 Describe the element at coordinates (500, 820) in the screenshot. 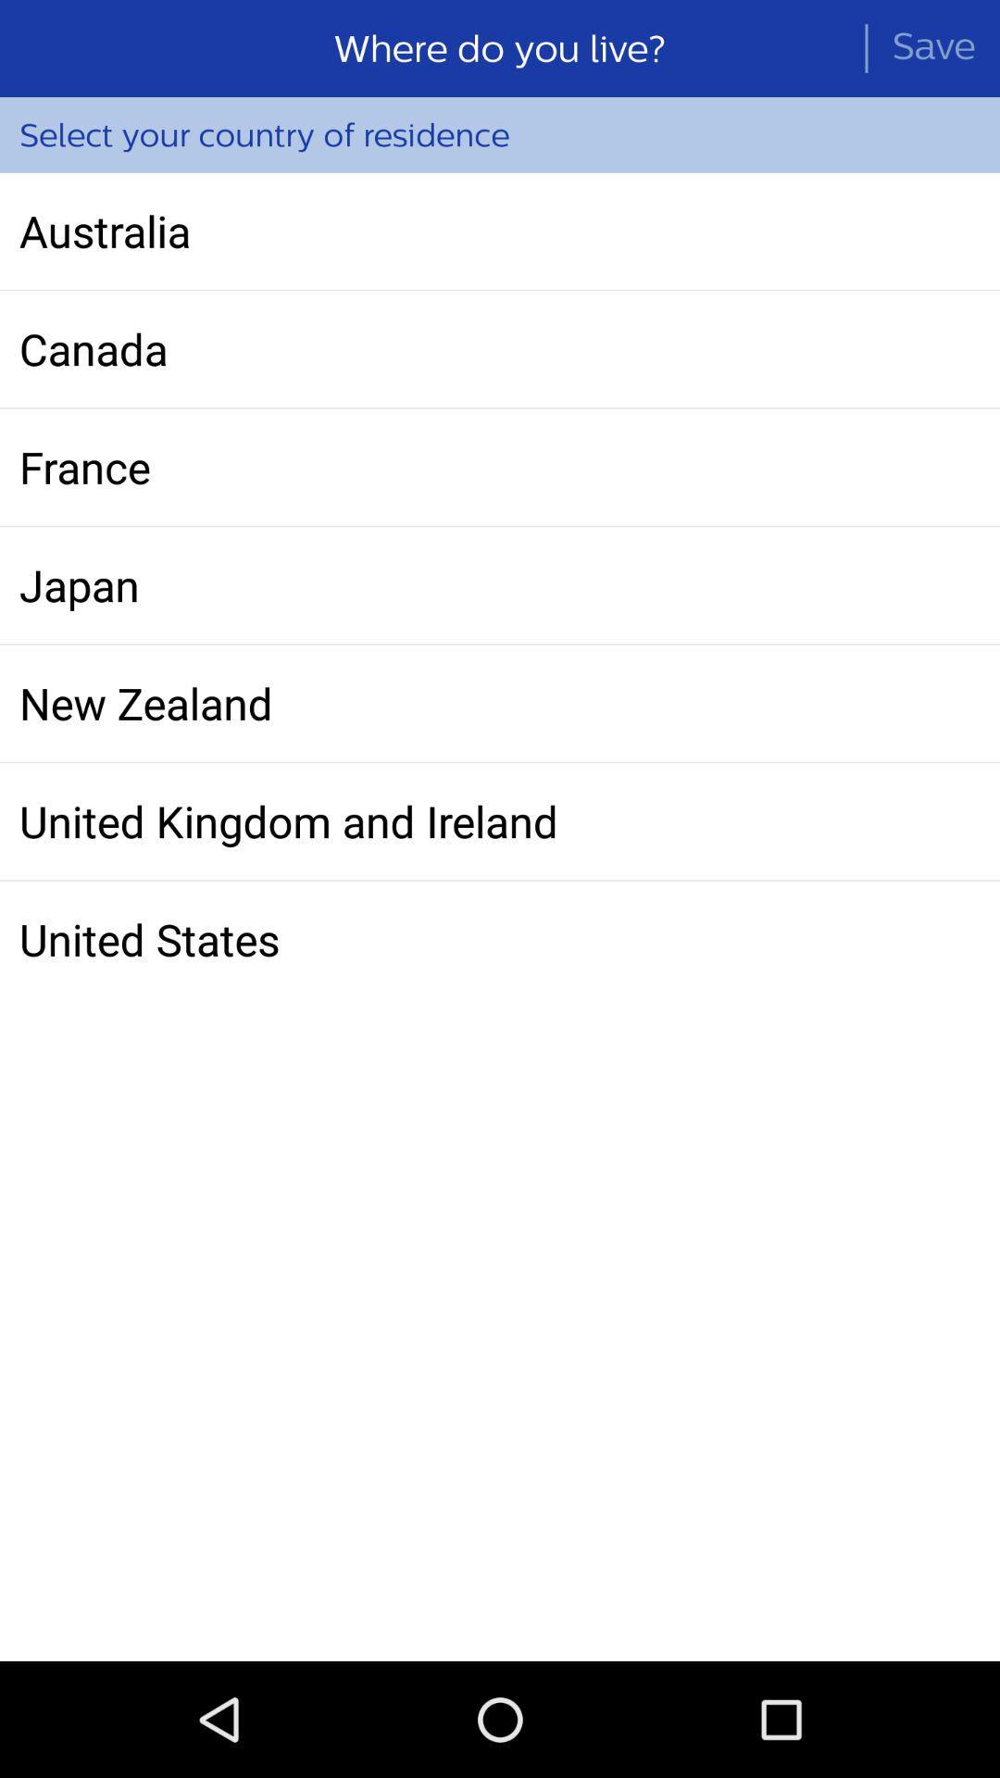

I see `icon below the new zealand` at that location.